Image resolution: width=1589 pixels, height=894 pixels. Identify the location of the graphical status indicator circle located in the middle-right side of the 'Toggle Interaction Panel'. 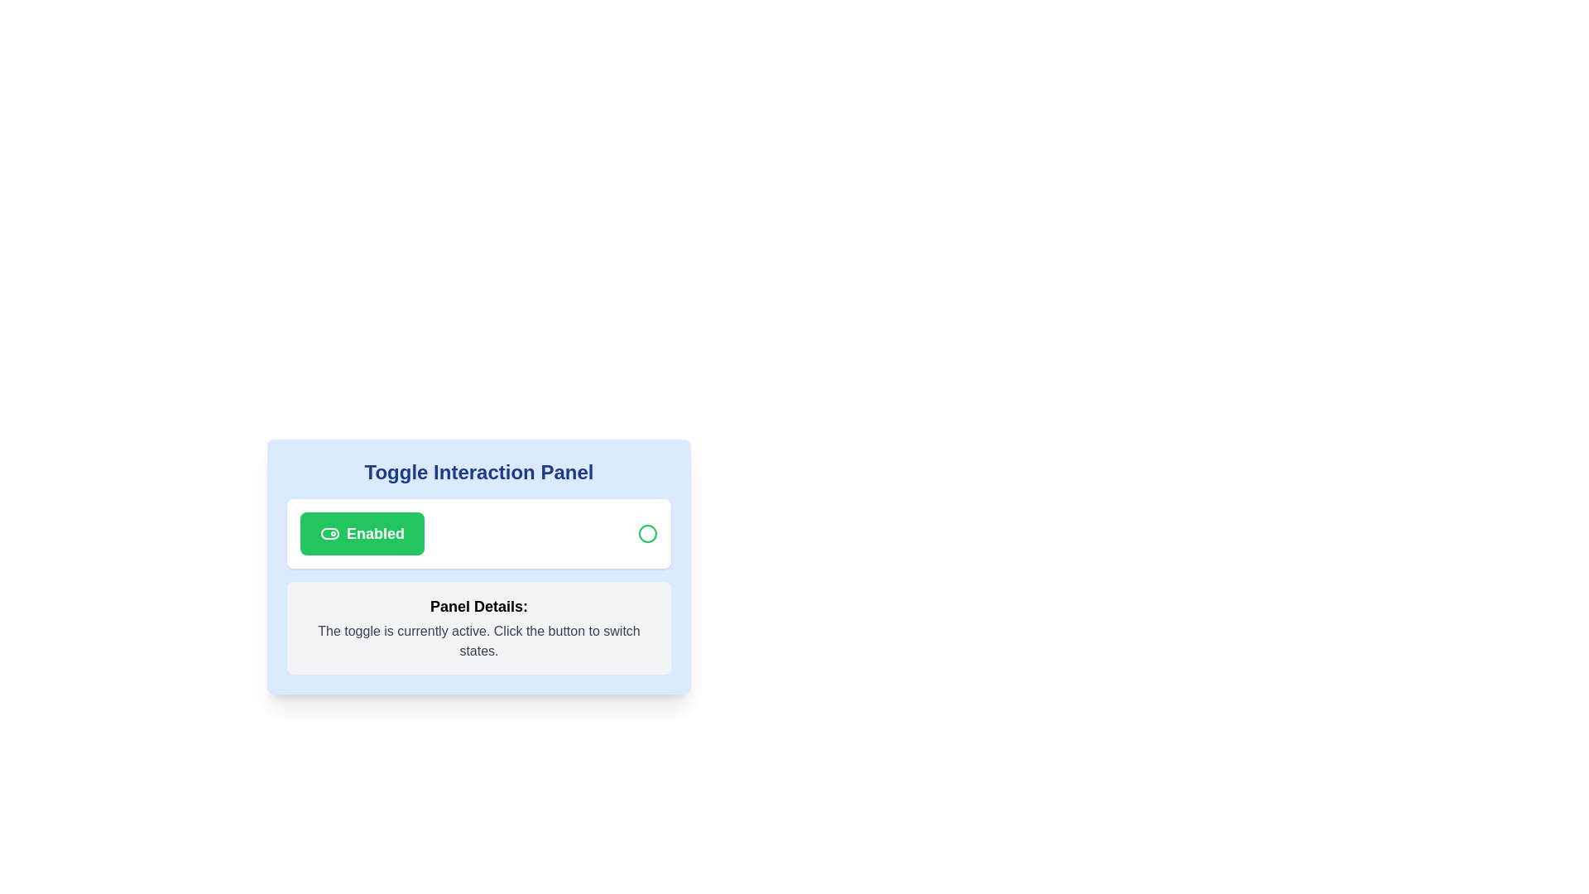
(646, 533).